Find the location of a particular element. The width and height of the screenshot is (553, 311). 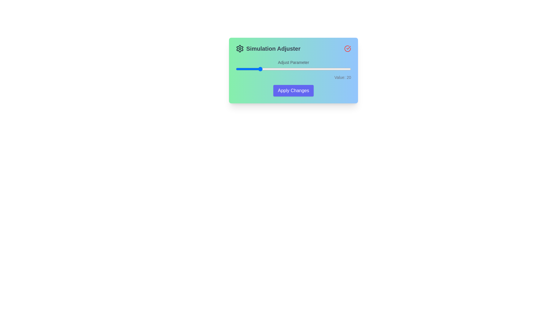

the slider to set the value to 5 is located at coordinates (242, 69).